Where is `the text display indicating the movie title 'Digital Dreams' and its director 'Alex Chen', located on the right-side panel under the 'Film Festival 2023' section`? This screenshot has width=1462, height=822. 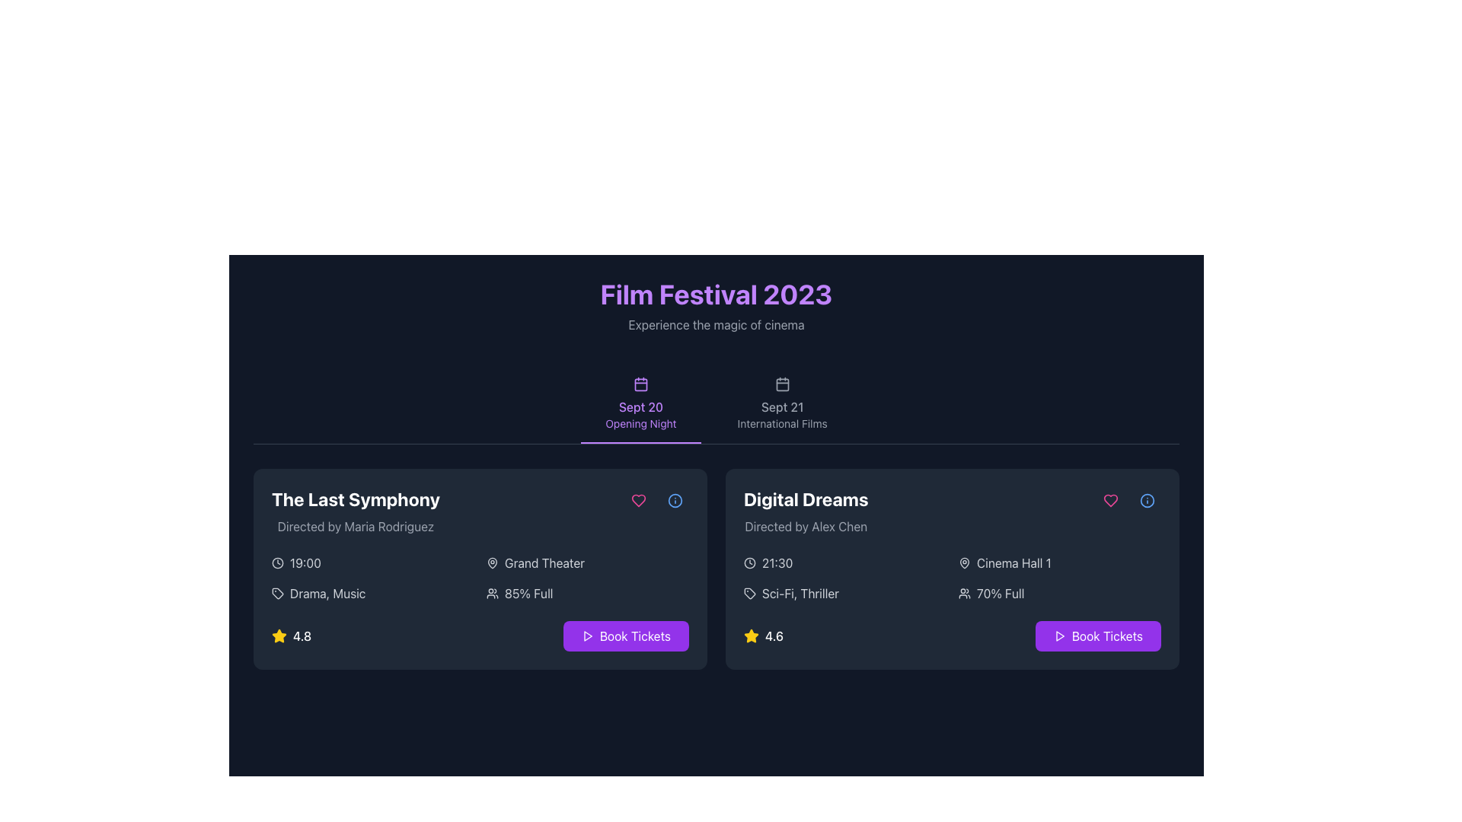
the text display indicating the movie title 'Digital Dreams' and its director 'Alex Chen', located on the right-side panel under the 'Film Festival 2023' section is located at coordinates (805, 511).